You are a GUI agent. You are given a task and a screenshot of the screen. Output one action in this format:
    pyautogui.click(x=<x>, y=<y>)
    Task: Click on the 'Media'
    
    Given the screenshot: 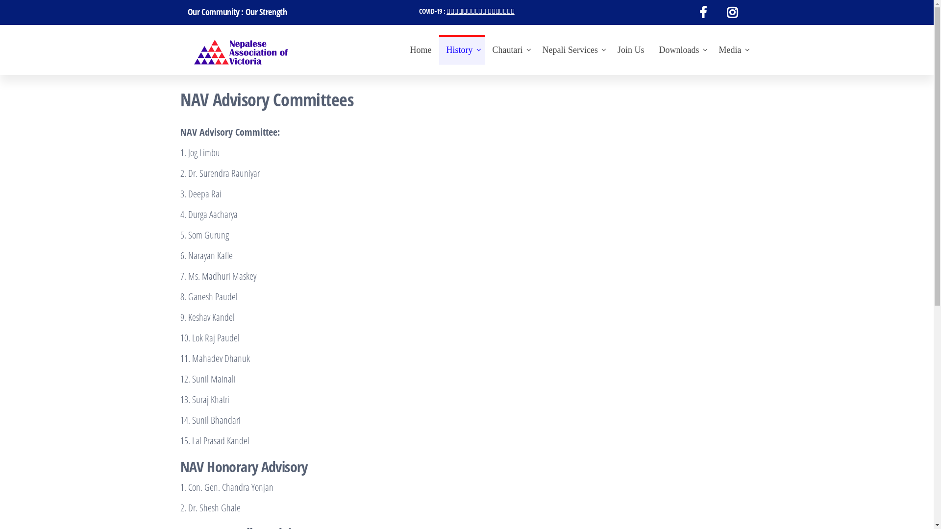 What is the action you would take?
    pyautogui.click(x=711, y=49)
    